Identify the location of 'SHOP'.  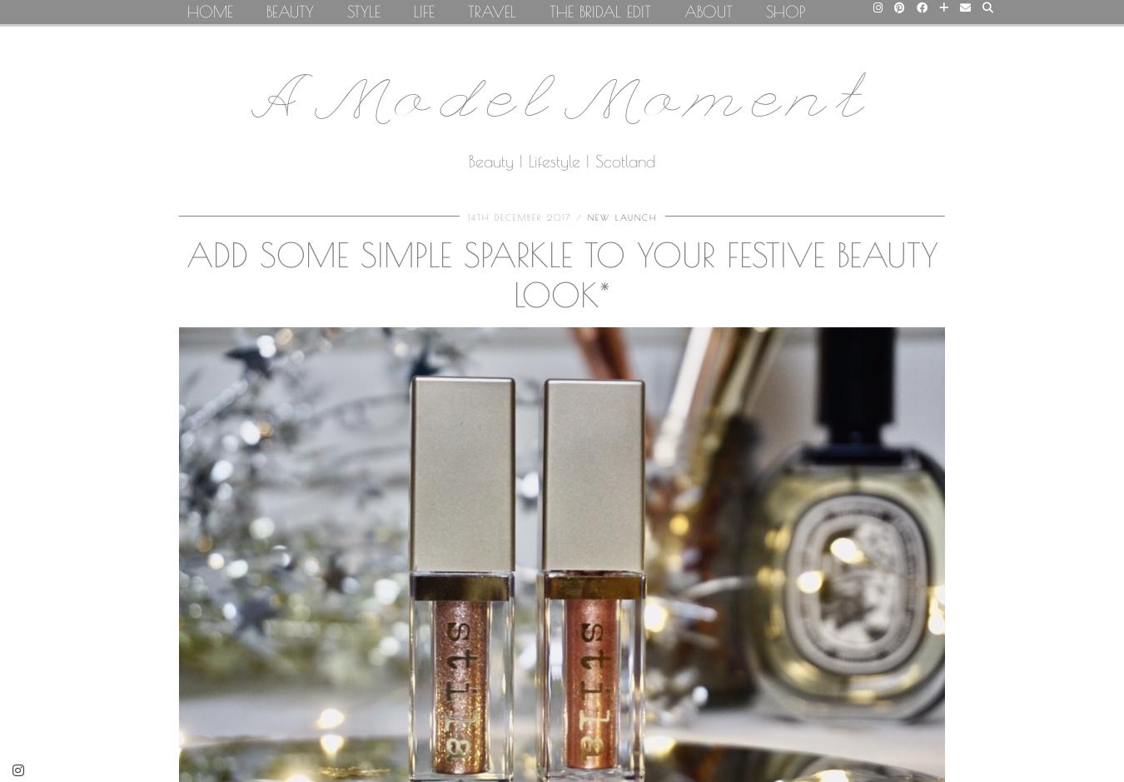
(784, 11).